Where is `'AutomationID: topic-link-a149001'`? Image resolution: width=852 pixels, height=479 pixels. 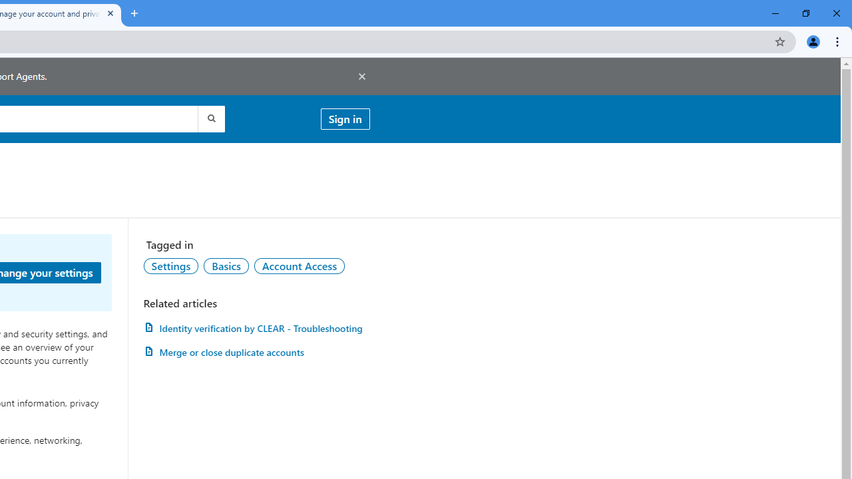
'AutomationID: topic-link-a149001' is located at coordinates (170, 265).